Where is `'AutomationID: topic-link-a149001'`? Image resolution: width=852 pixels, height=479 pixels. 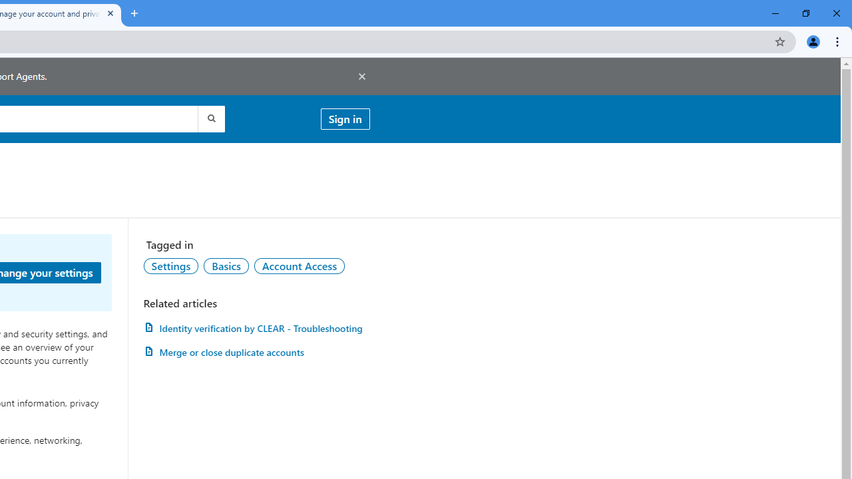
'AutomationID: topic-link-a149001' is located at coordinates (170, 265).